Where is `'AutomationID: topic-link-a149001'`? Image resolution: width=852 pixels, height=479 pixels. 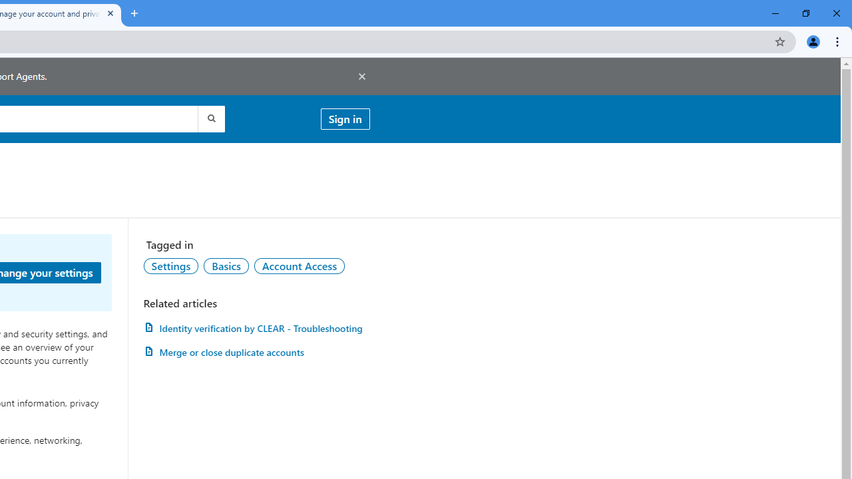
'AutomationID: topic-link-a149001' is located at coordinates (170, 265).